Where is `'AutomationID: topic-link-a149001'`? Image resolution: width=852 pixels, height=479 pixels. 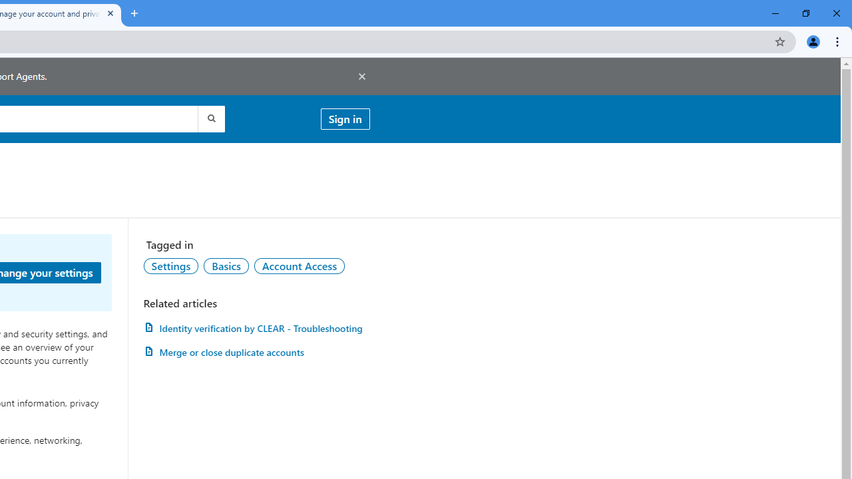
'AutomationID: topic-link-a149001' is located at coordinates (170, 265).